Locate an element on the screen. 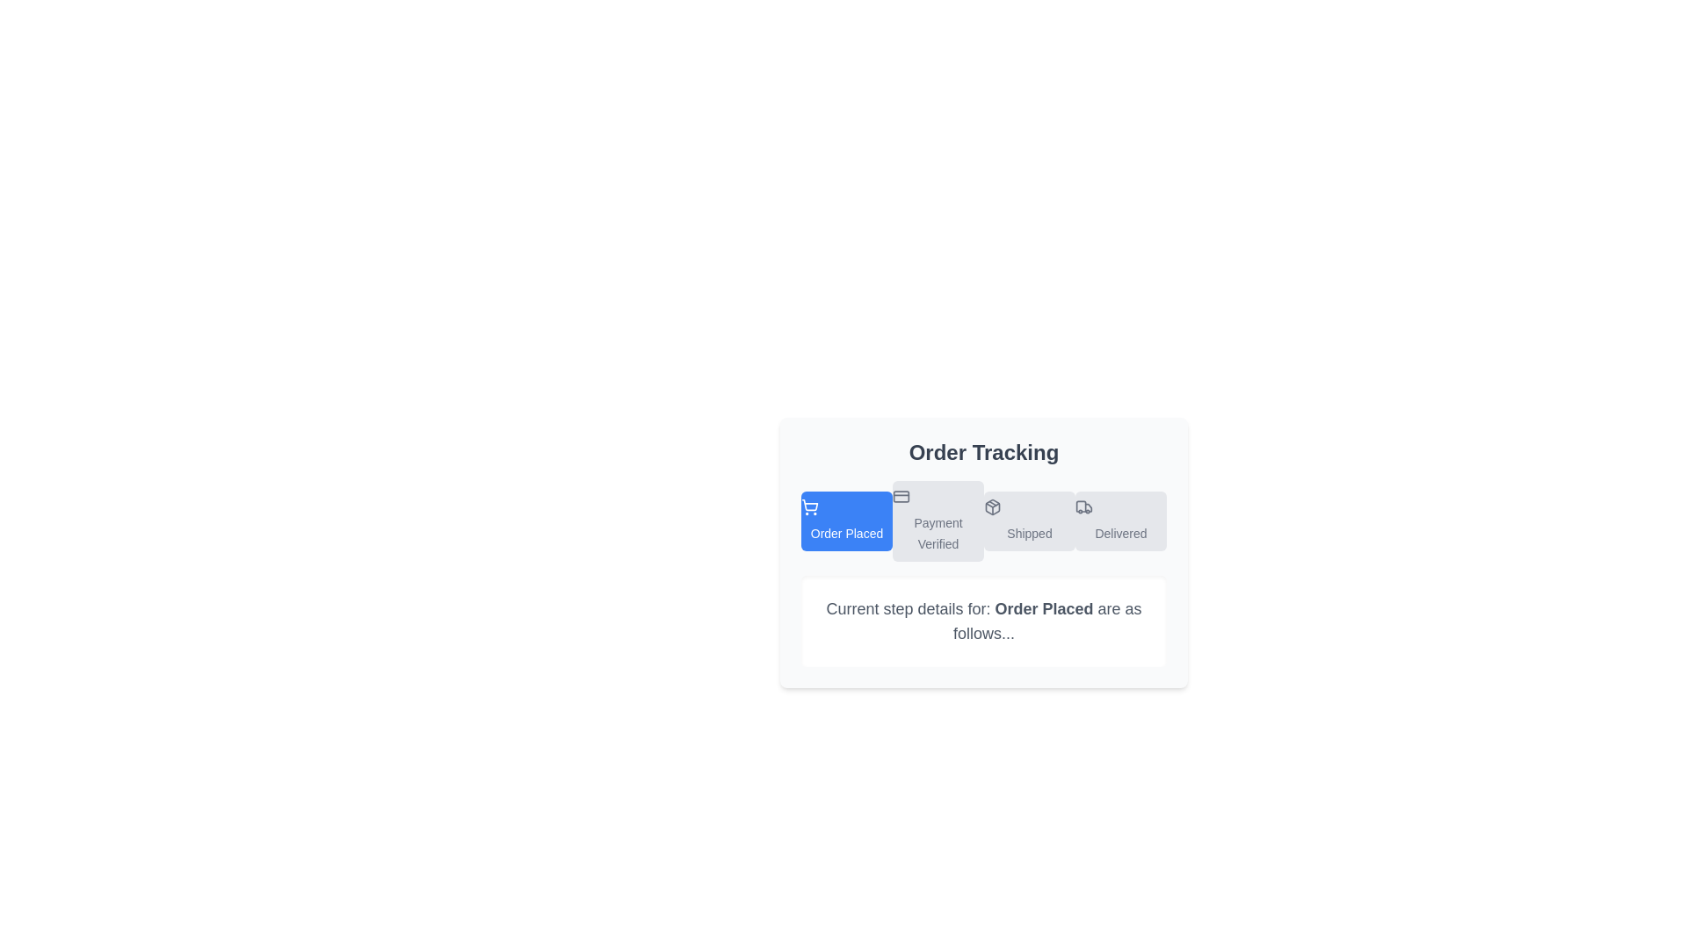 The image size is (1687, 948). the rectangular graphical element that signifies a graphical placeholder within the credit card icon, which is part of the 'Payment Verified' step in the process tracker is located at coordinates (901, 497).